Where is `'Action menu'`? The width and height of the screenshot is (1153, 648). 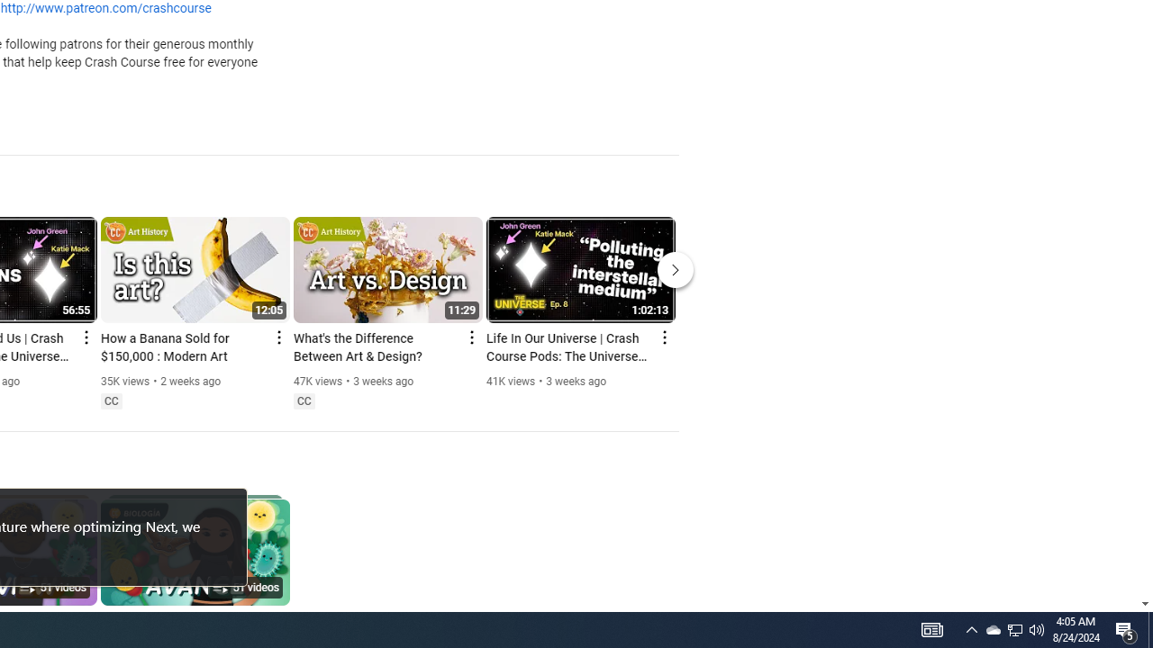
'Action menu' is located at coordinates (663, 337).